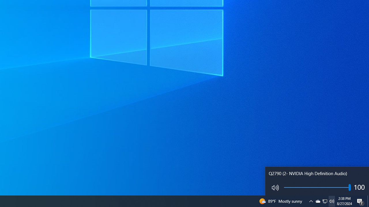 Image resolution: width=369 pixels, height=207 pixels. I want to click on 'Mute toggle', so click(274, 187).